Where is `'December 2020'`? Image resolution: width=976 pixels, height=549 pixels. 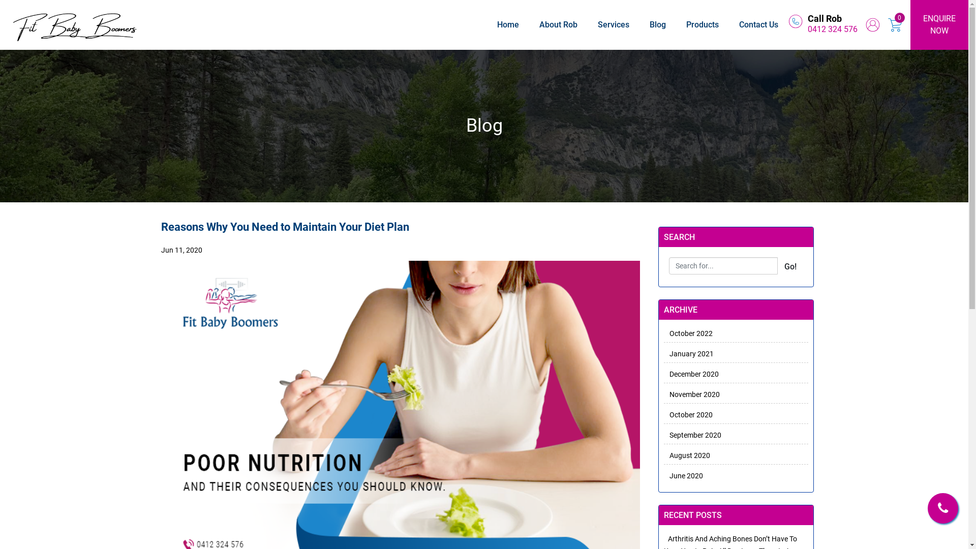 'December 2020' is located at coordinates (691, 374).